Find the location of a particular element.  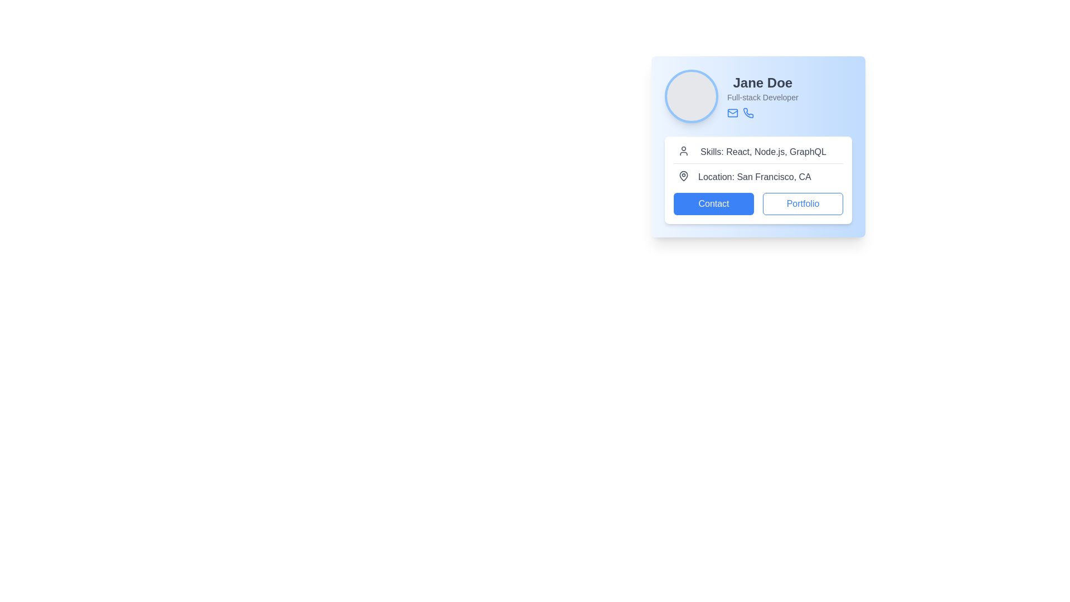

the email icon, which is the leftmost icon below the user's name and profession is located at coordinates (733, 113).